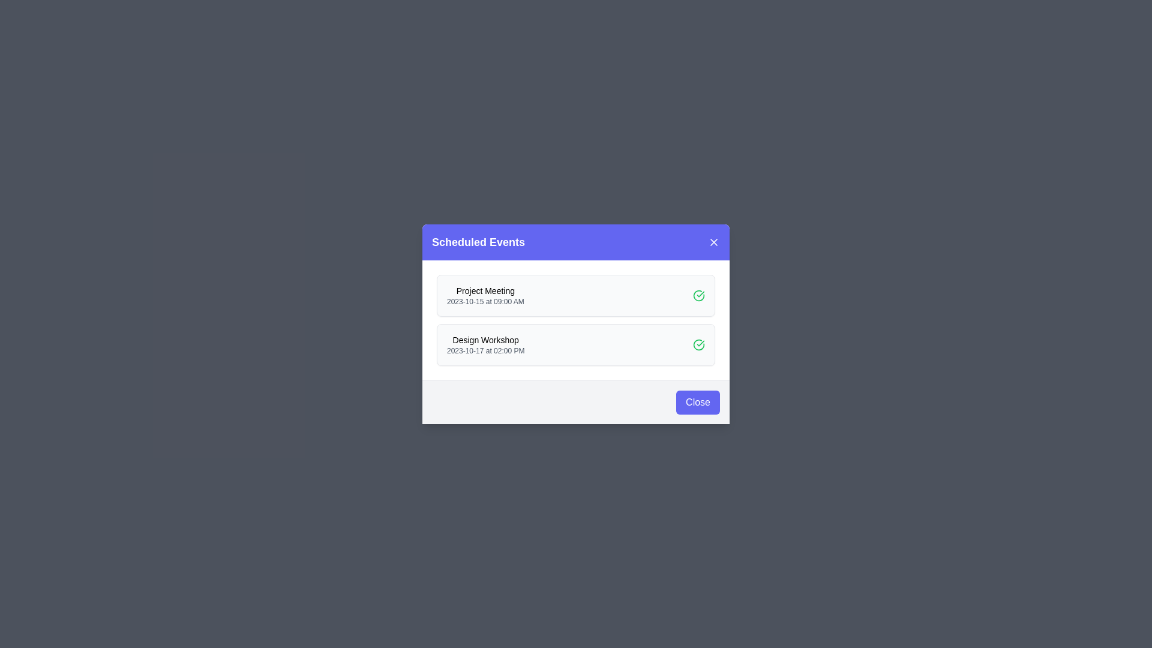 This screenshot has height=648, width=1152. I want to click on the visual state of the Status Icon indicating the completion of the 'Design Workshop' event, located as the rightmost component of its row adjacent to the timestamp, so click(699, 344).